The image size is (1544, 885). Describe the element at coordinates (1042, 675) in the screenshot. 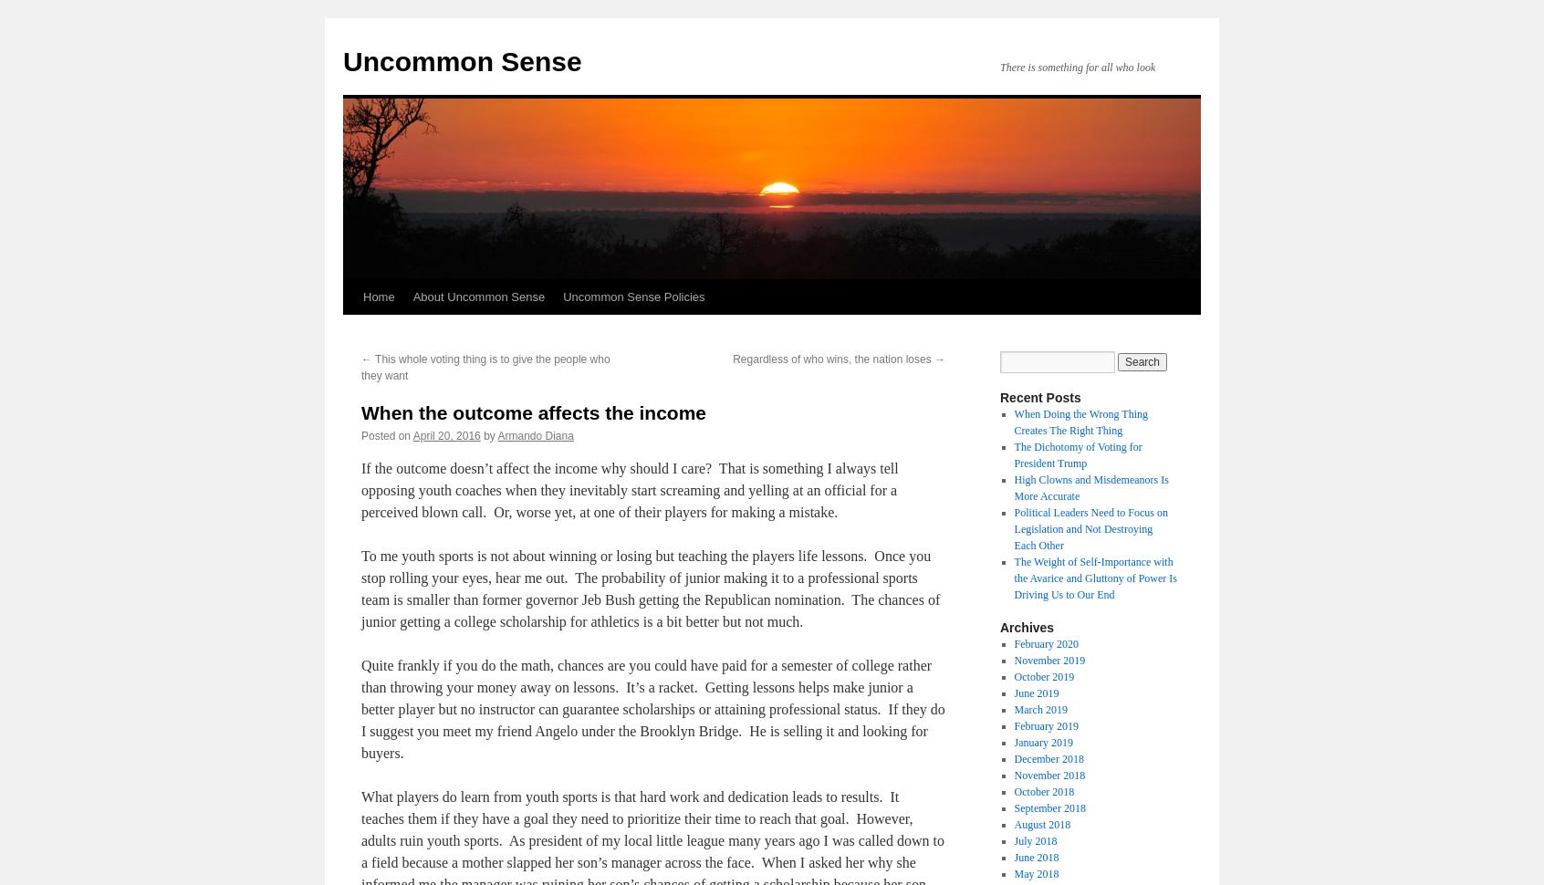

I see `'October 2019'` at that location.